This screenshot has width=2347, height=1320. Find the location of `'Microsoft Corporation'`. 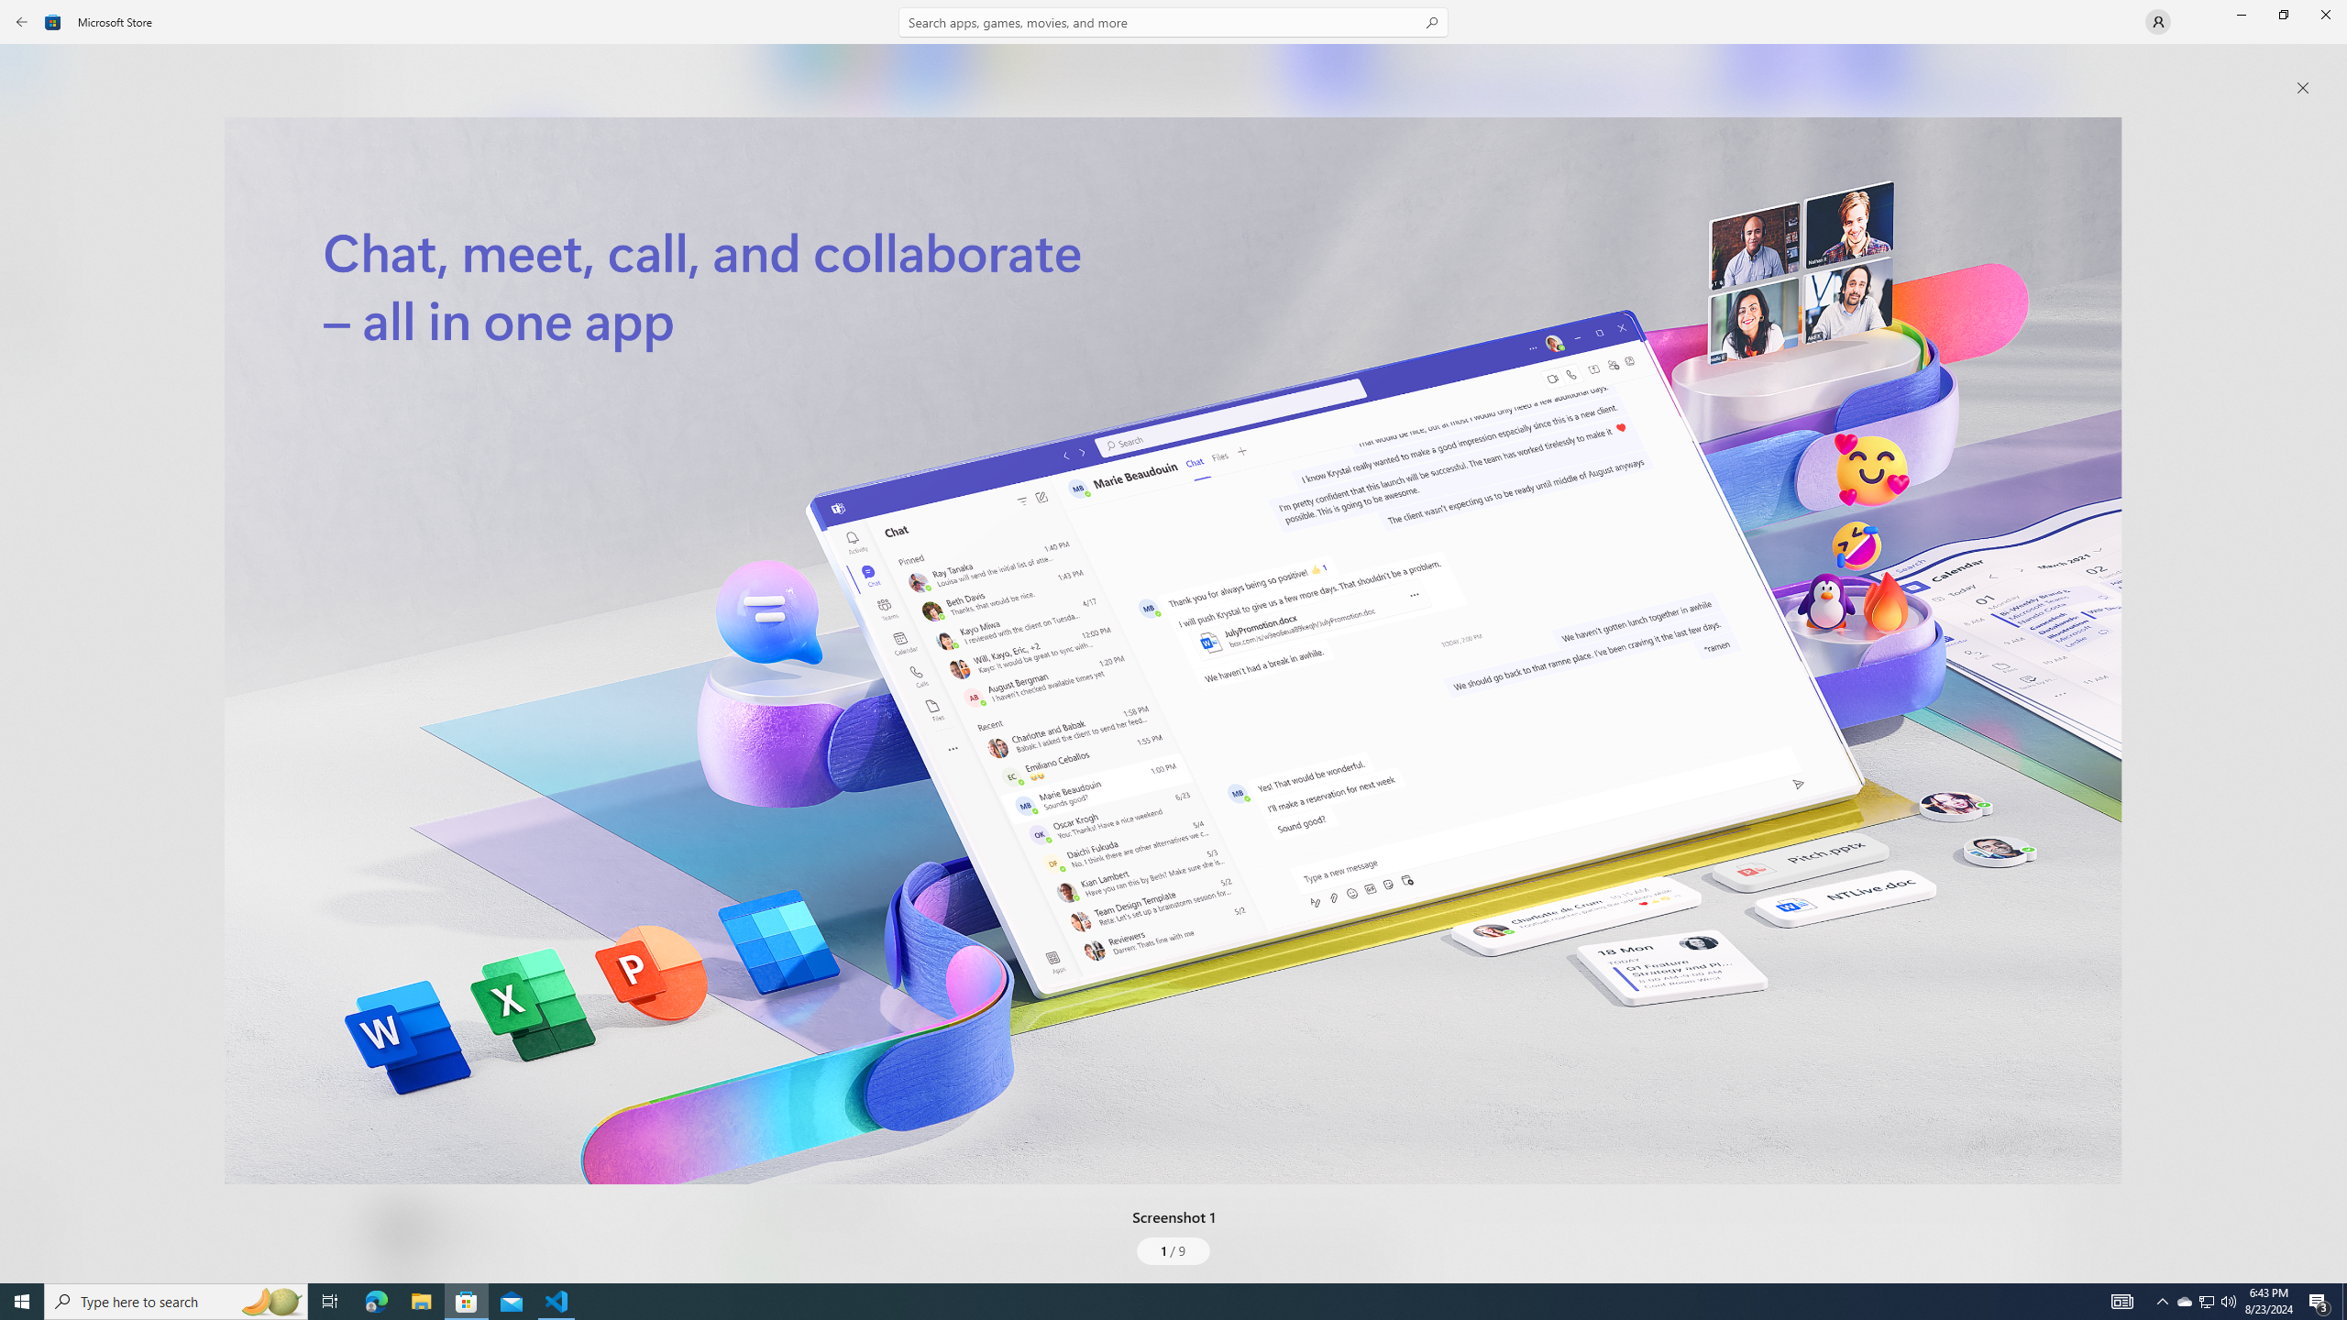

'Microsoft Corporation' is located at coordinates (617, 305).